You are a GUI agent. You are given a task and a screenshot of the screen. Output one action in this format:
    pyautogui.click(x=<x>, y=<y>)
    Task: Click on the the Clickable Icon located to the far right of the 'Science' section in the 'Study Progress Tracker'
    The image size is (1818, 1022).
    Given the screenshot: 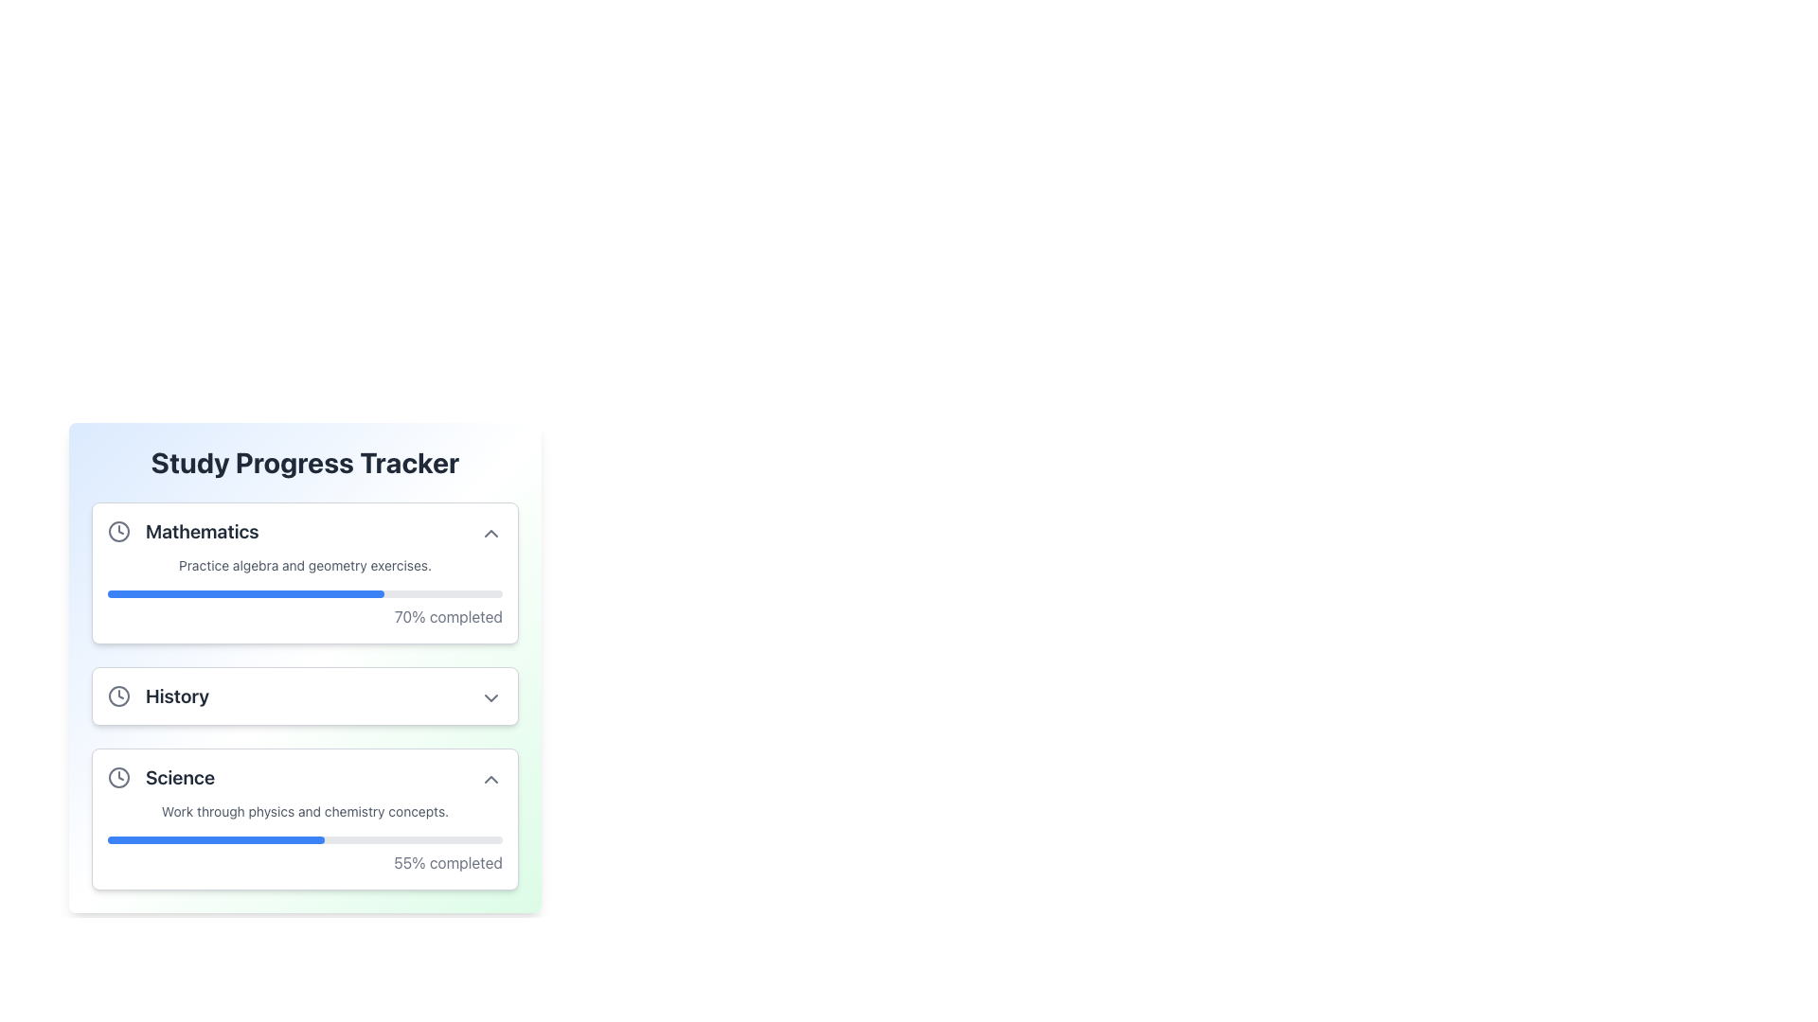 What is the action you would take?
    pyautogui.click(x=490, y=780)
    